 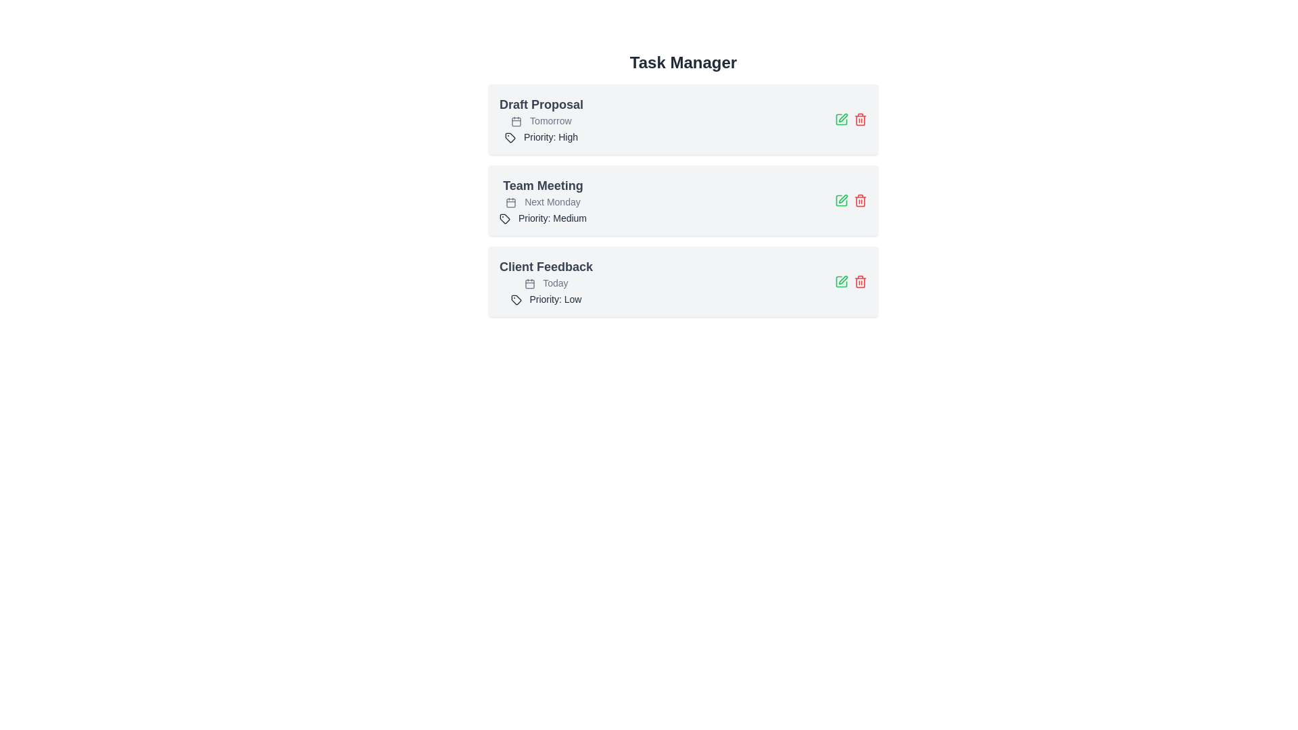 I want to click on the small tag-shaped icon in the 'Priority: Low' row of the 'Client Feedback' section, located to the left of the label 'Priority: Low', so click(x=515, y=299).